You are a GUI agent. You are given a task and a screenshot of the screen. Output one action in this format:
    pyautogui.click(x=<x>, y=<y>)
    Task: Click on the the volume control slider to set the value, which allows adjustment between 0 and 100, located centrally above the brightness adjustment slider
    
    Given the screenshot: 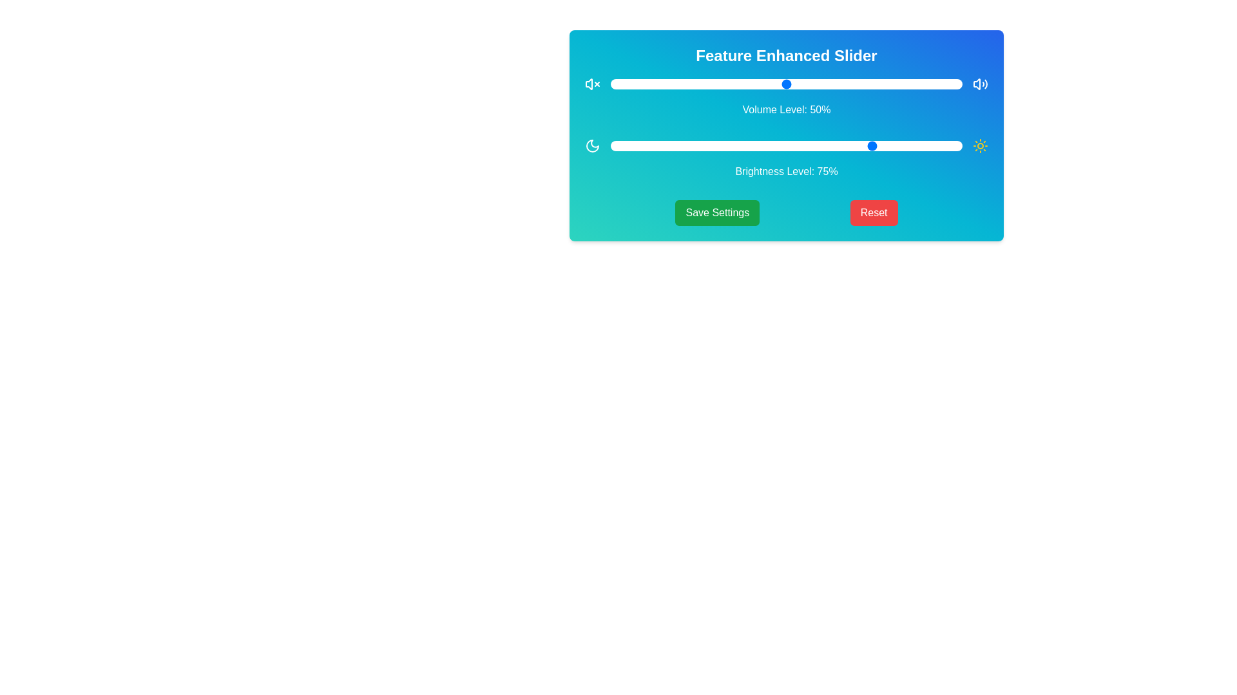 What is the action you would take?
    pyautogui.click(x=785, y=84)
    